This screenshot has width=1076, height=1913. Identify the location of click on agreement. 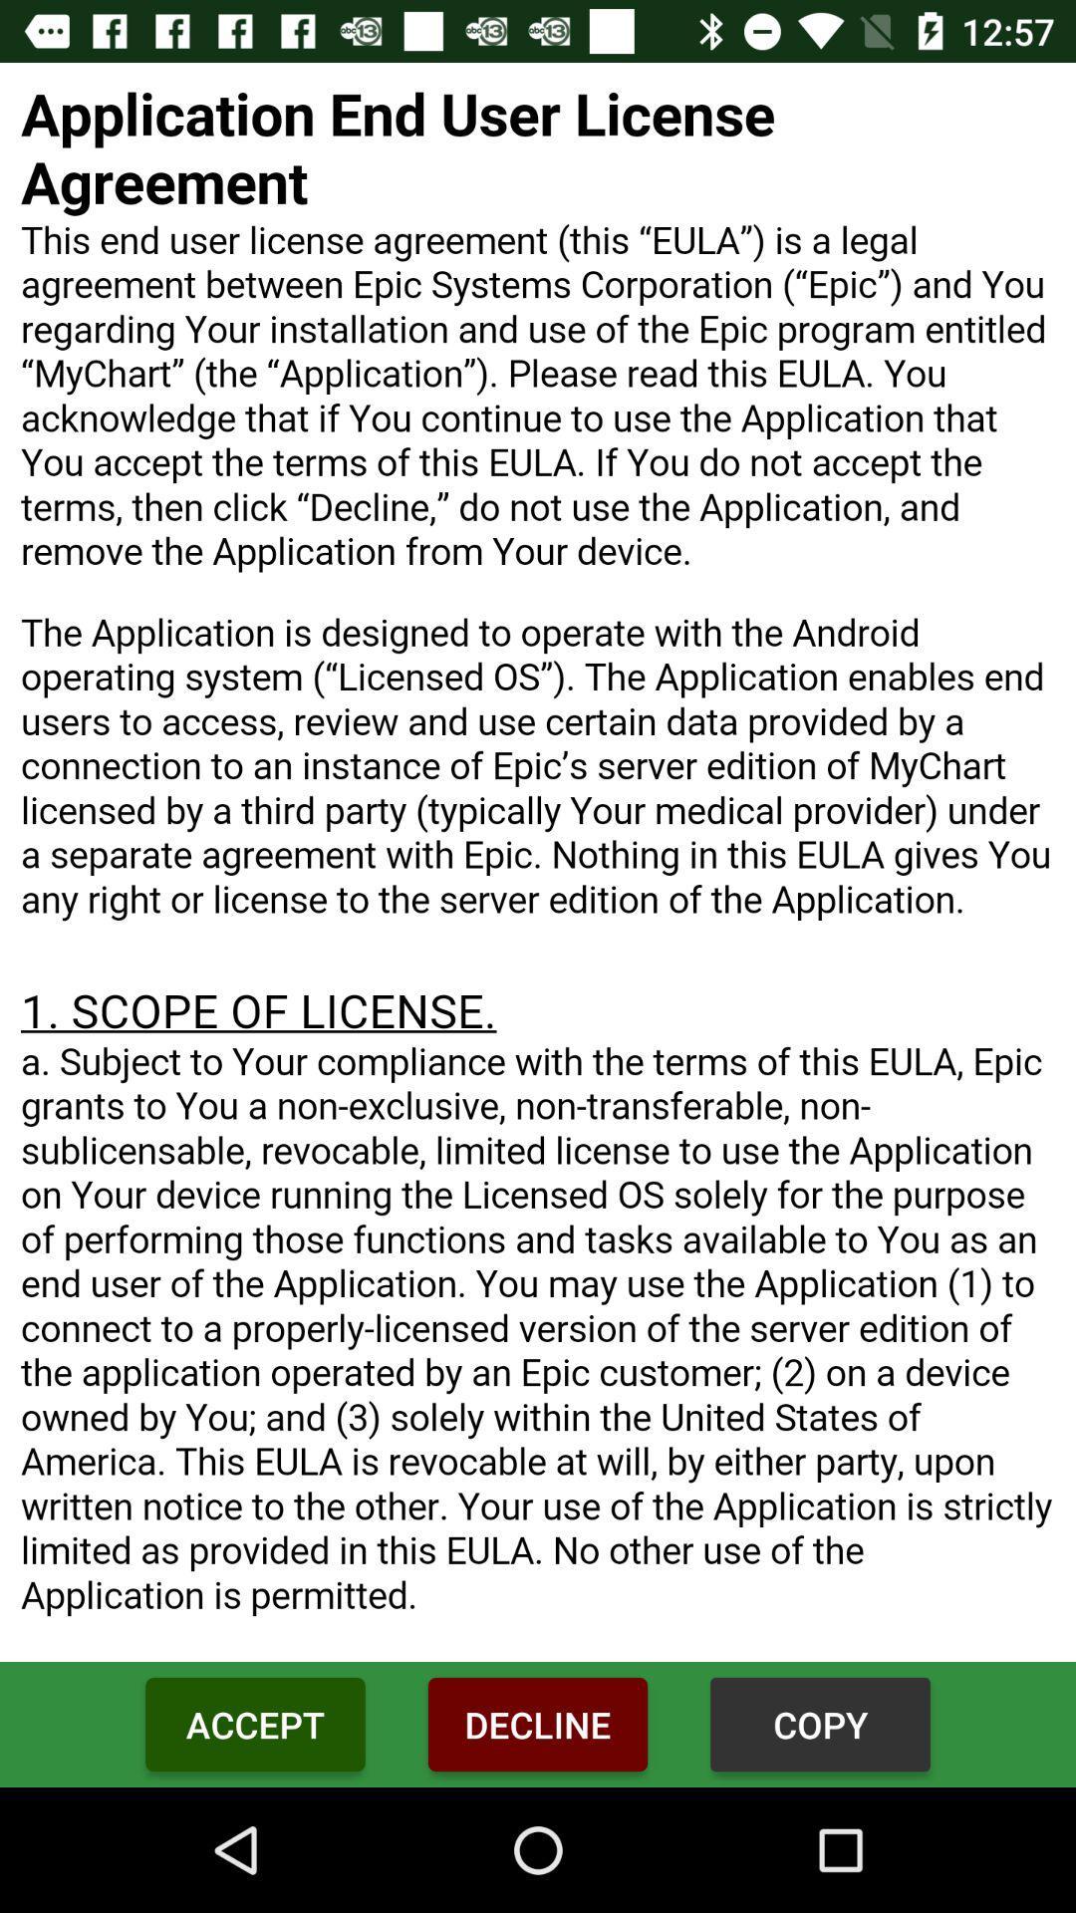
(538, 862).